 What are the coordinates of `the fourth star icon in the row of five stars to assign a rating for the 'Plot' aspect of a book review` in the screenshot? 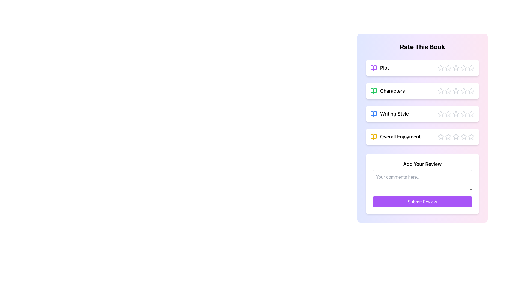 It's located at (463, 67).